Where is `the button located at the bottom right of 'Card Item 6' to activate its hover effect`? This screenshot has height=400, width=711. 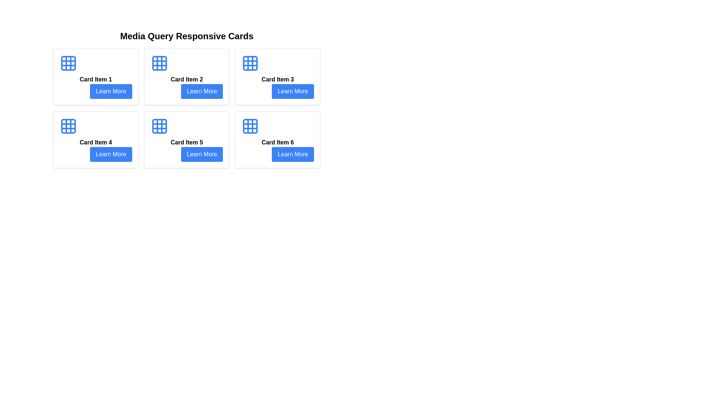
the button located at the bottom right of 'Card Item 6' to activate its hover effect is located at coordinates (293, 154).